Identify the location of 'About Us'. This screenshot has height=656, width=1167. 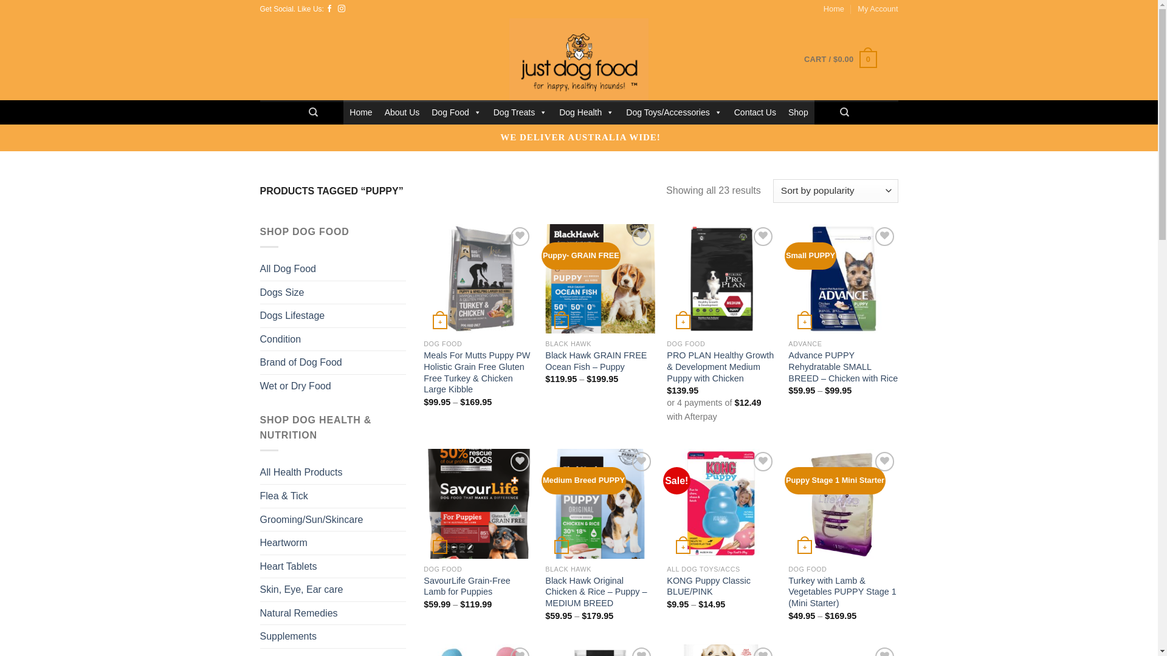
(402, 112).